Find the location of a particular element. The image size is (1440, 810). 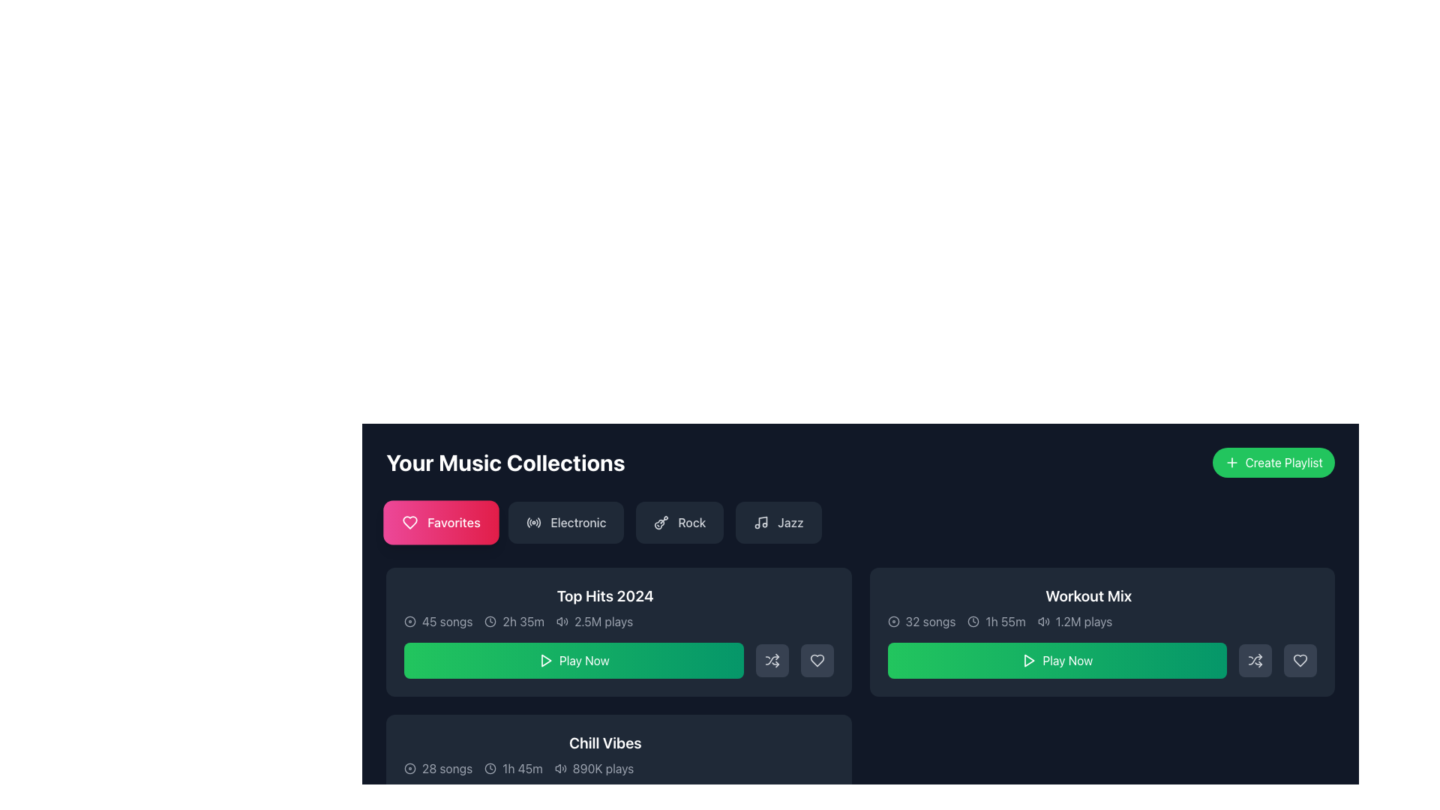

the third button in the rightmost set of controls of the 'Top Hits 2024' card in the 'Your Music Collections' section to mark the associated collection as liked is located at coordinates (816, 659).